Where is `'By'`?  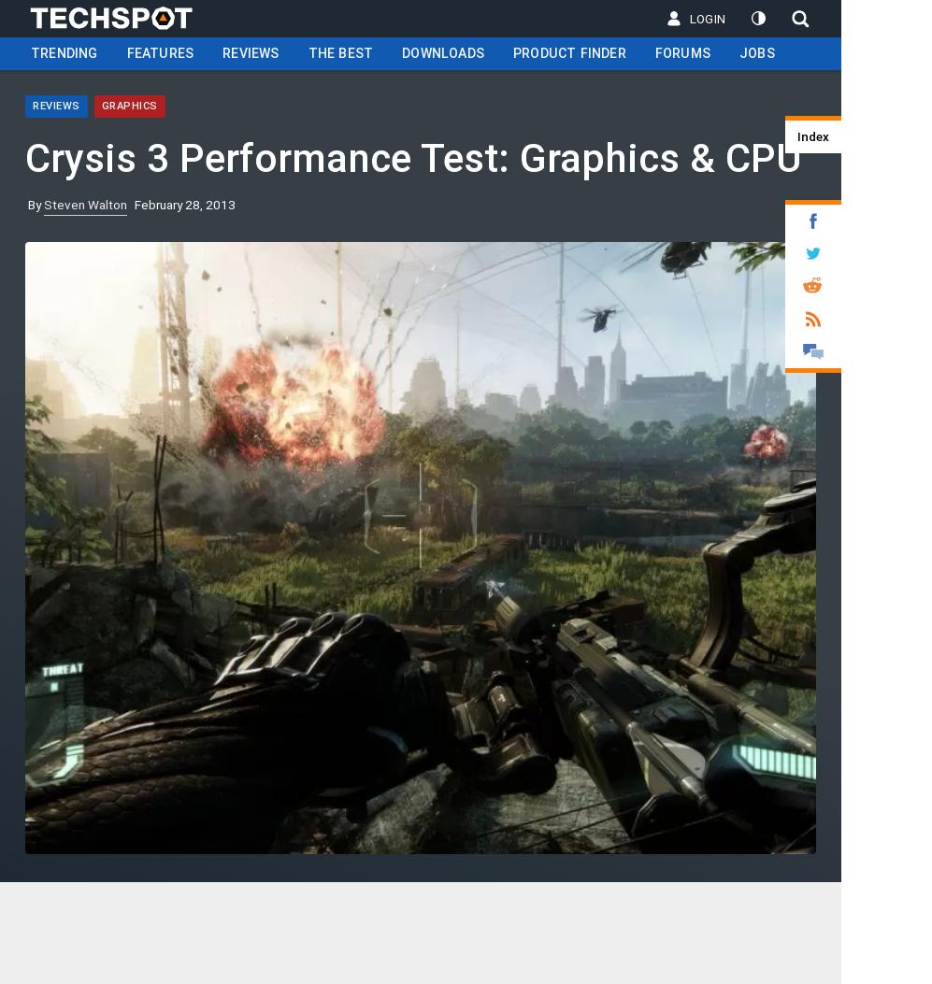 'By' is located at coordinates (36, 204).